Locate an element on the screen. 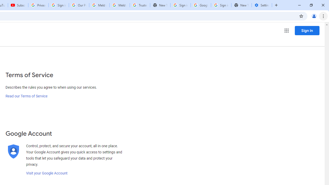 The width and height of the screenshot is (329, 185). 'Sign in - Google Accounts' is located at coordinates (180, 5).